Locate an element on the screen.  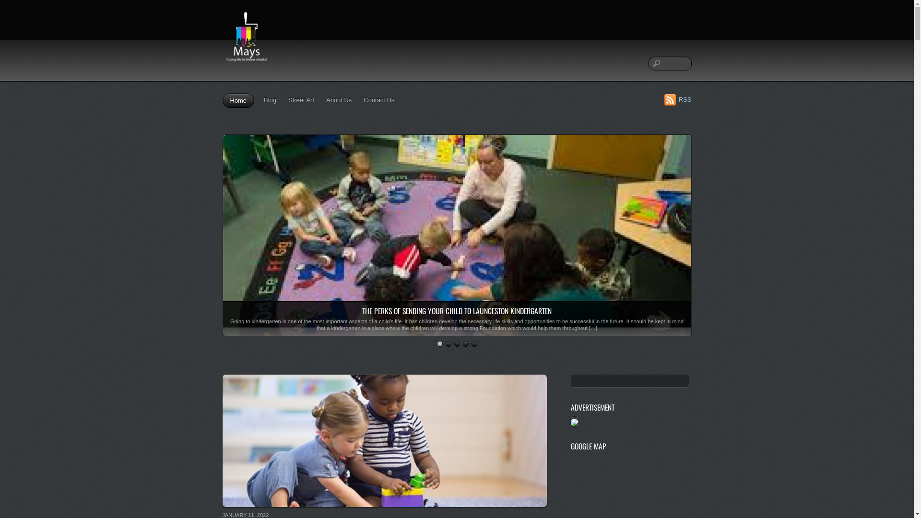
'Home' is located at coordinates (238, 100).